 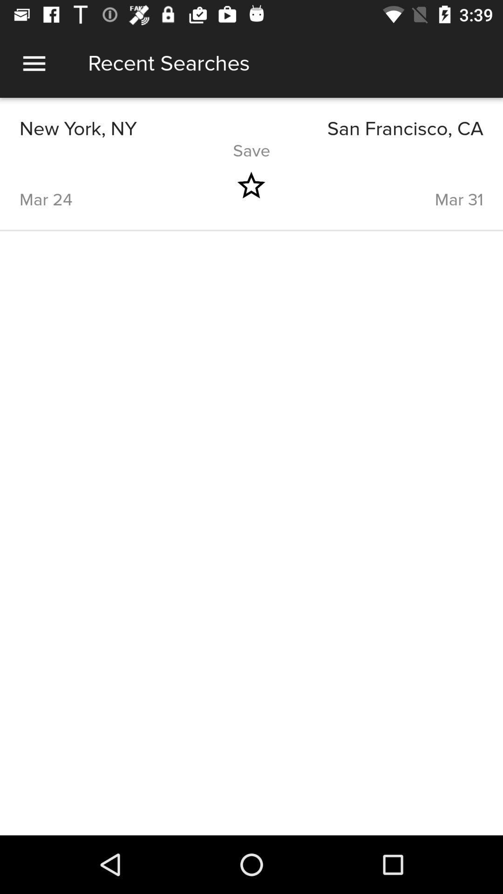 I want to click on icon below save item, so click(x=112, y=185).